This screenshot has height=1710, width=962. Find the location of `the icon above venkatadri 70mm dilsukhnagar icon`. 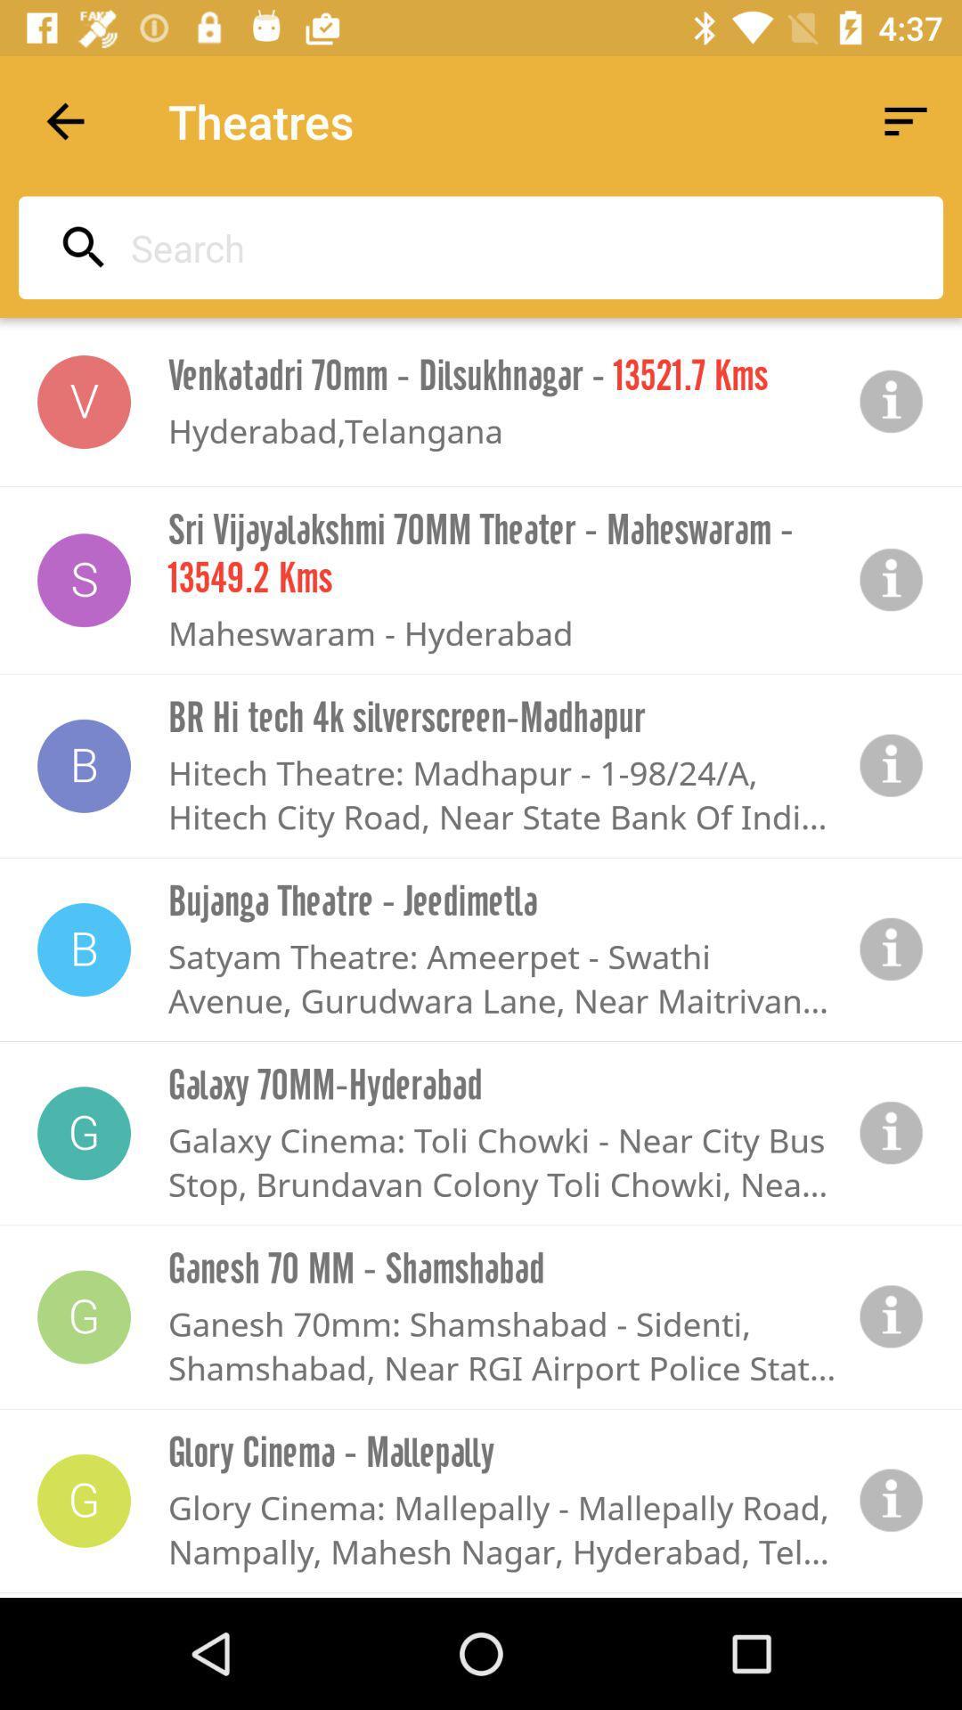

the icon above venkatadri 70mm dilsukhnagar icon is located at coordinates (475, 247).